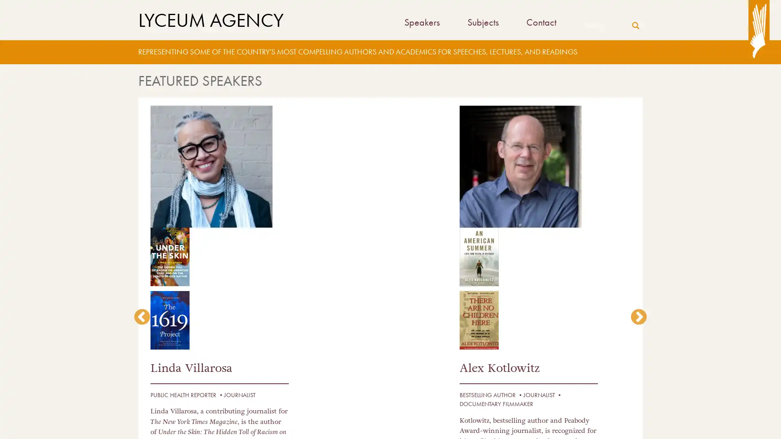 This screenshot has width=781, height=439. Describe the element at coordinates (638, 175) in the screenshot. I see `next` at that location.